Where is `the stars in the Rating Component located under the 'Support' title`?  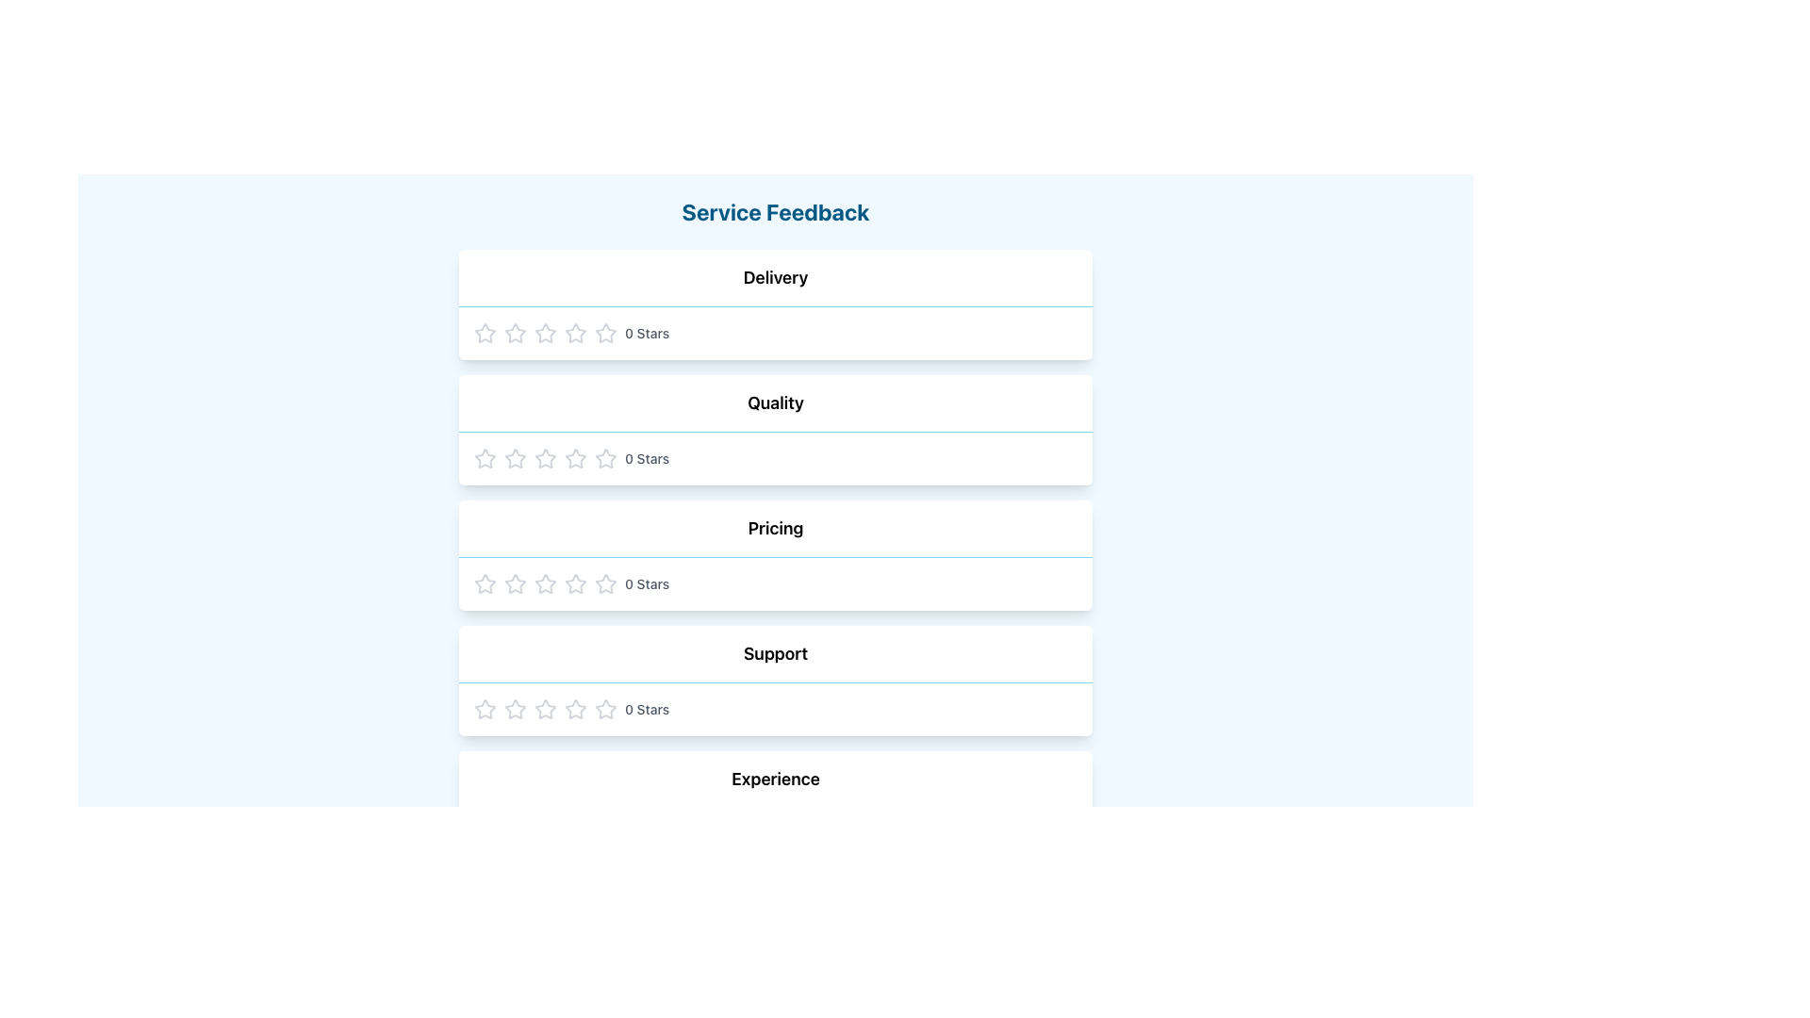 the stars in the Rating Component located under the 'Support' title is located at coordinates (775, 709).